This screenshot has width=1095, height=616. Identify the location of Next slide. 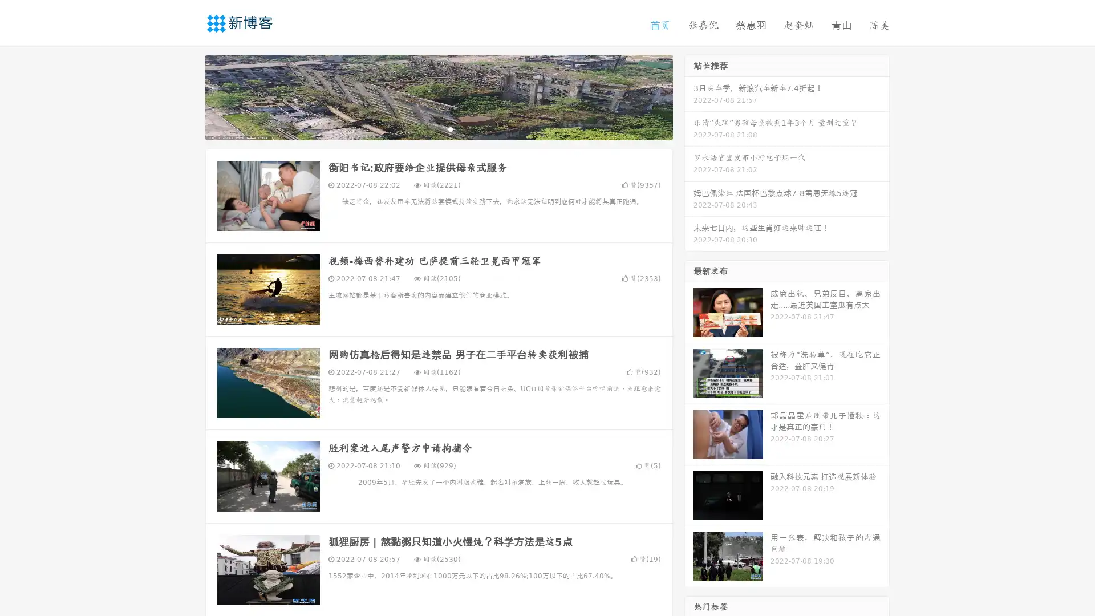
(689, 96).